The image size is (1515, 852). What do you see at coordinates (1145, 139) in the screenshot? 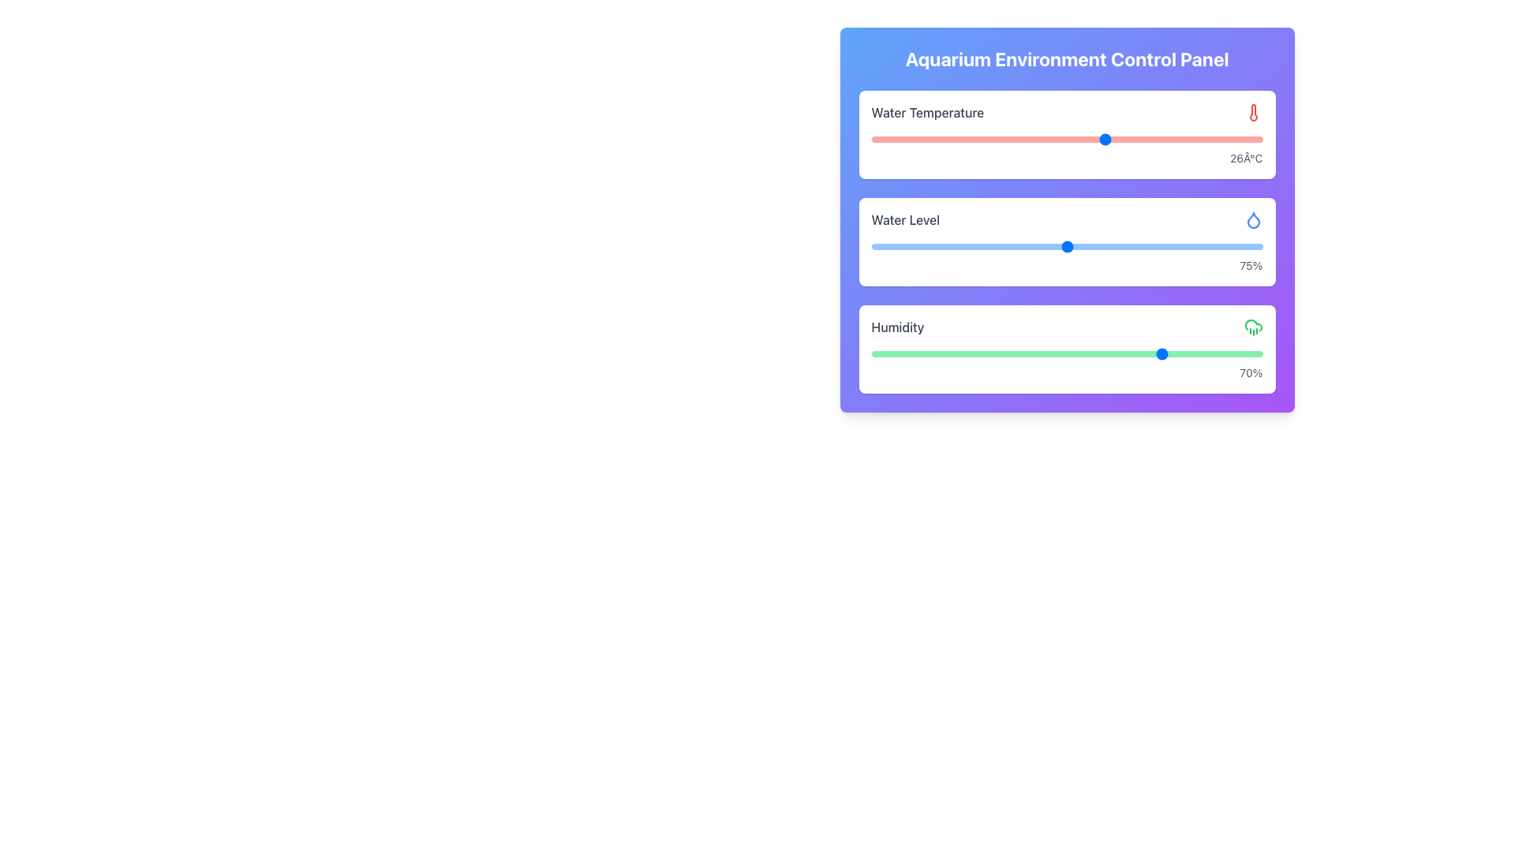
I see `temperature` at bounding box center [1145, 139].